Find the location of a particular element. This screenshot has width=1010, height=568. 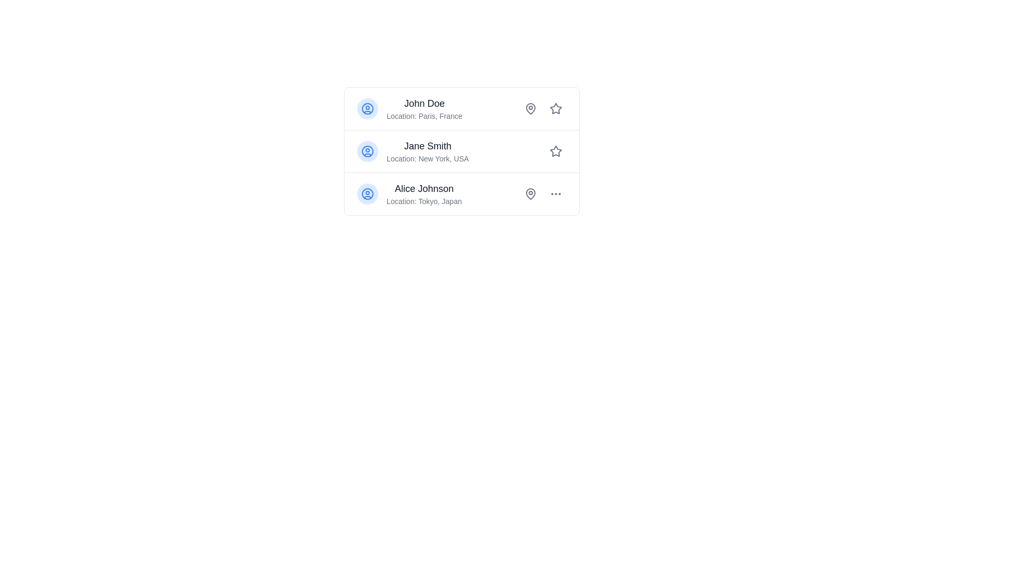

the profile icon representing 'Alice Johnson' located to the left of the text 'Alice Johnson' in the vertical list is located at coordinates (368, 194).